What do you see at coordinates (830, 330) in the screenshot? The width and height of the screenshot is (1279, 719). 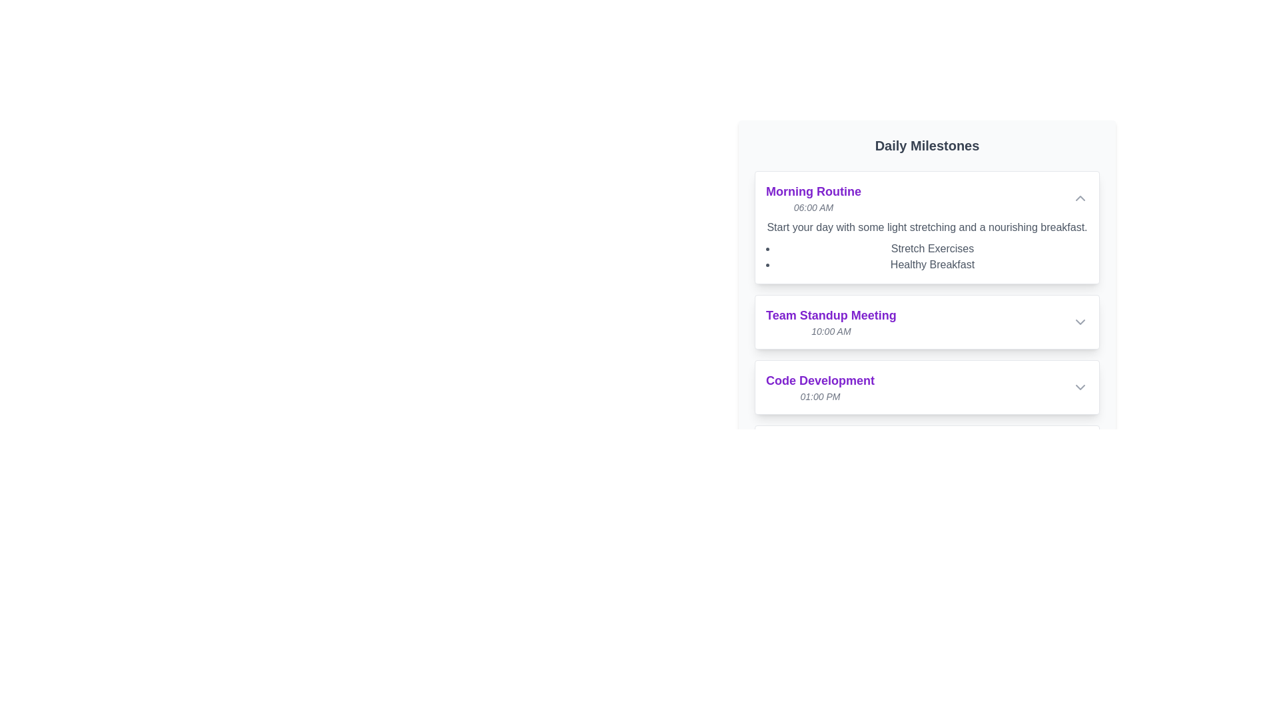 I see `the Text Label displaying '10:00 AM', which is styled in gray, italicized font and positioned below the title 'Team Standup Meeting'` at bounding box center [830, 330].